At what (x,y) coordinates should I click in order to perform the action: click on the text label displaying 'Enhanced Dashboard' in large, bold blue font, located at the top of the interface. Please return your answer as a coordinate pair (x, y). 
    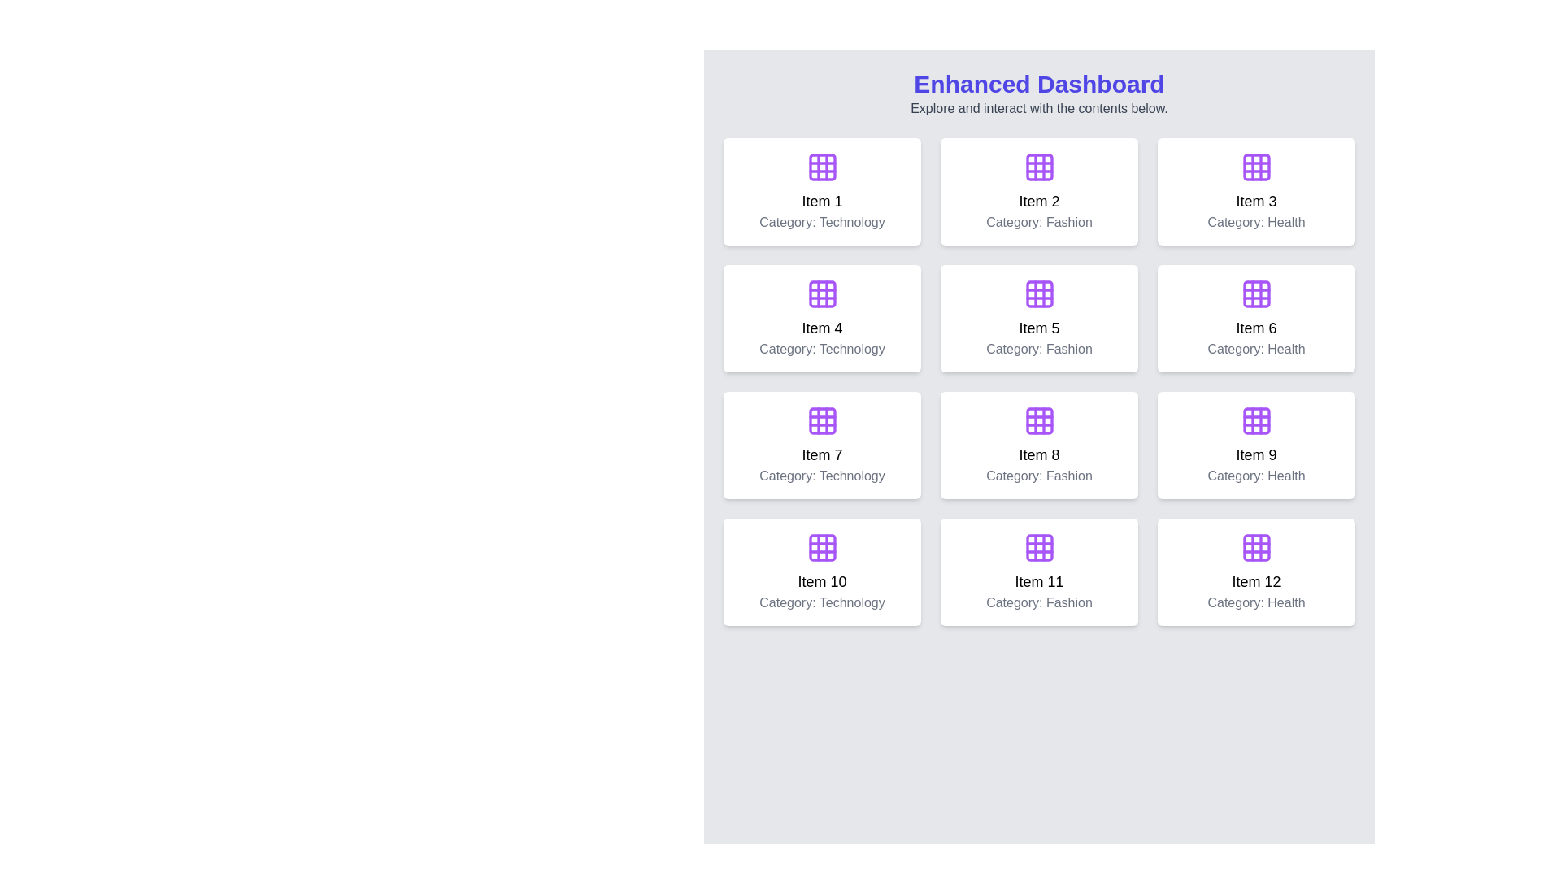
    Looking at the image, I should click on (1038, 85).